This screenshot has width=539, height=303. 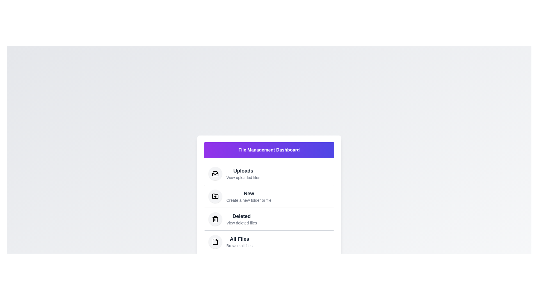 What do you see at coordinates (269, 196) in the screenshot?
I see `the menu item 'New' to trigger its visual feedback` at bounding box center [269, 196].